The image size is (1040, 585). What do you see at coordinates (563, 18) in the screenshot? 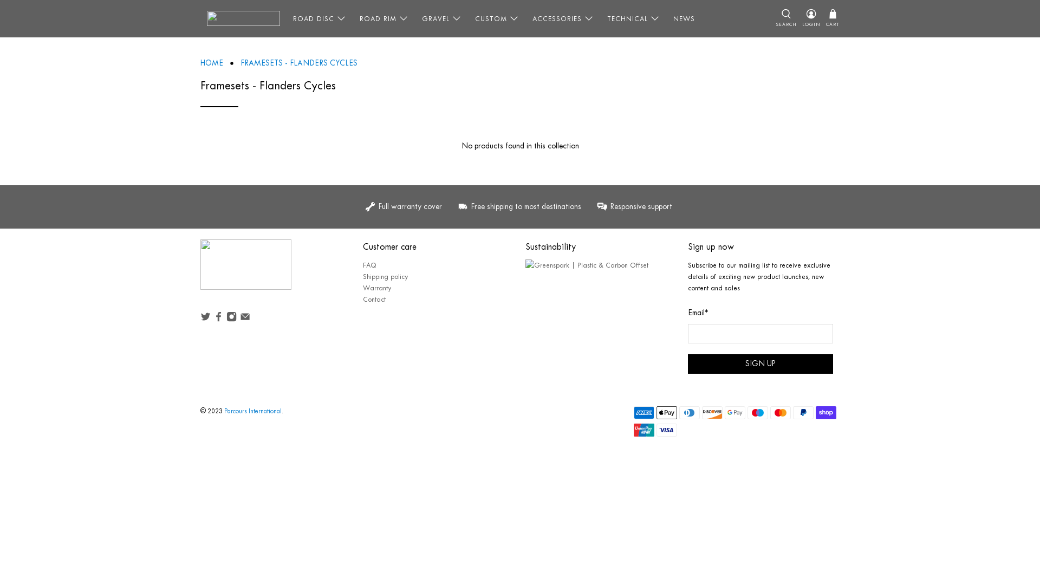
I see `'ACCESSORIES'` at bounding box center [563, 18].